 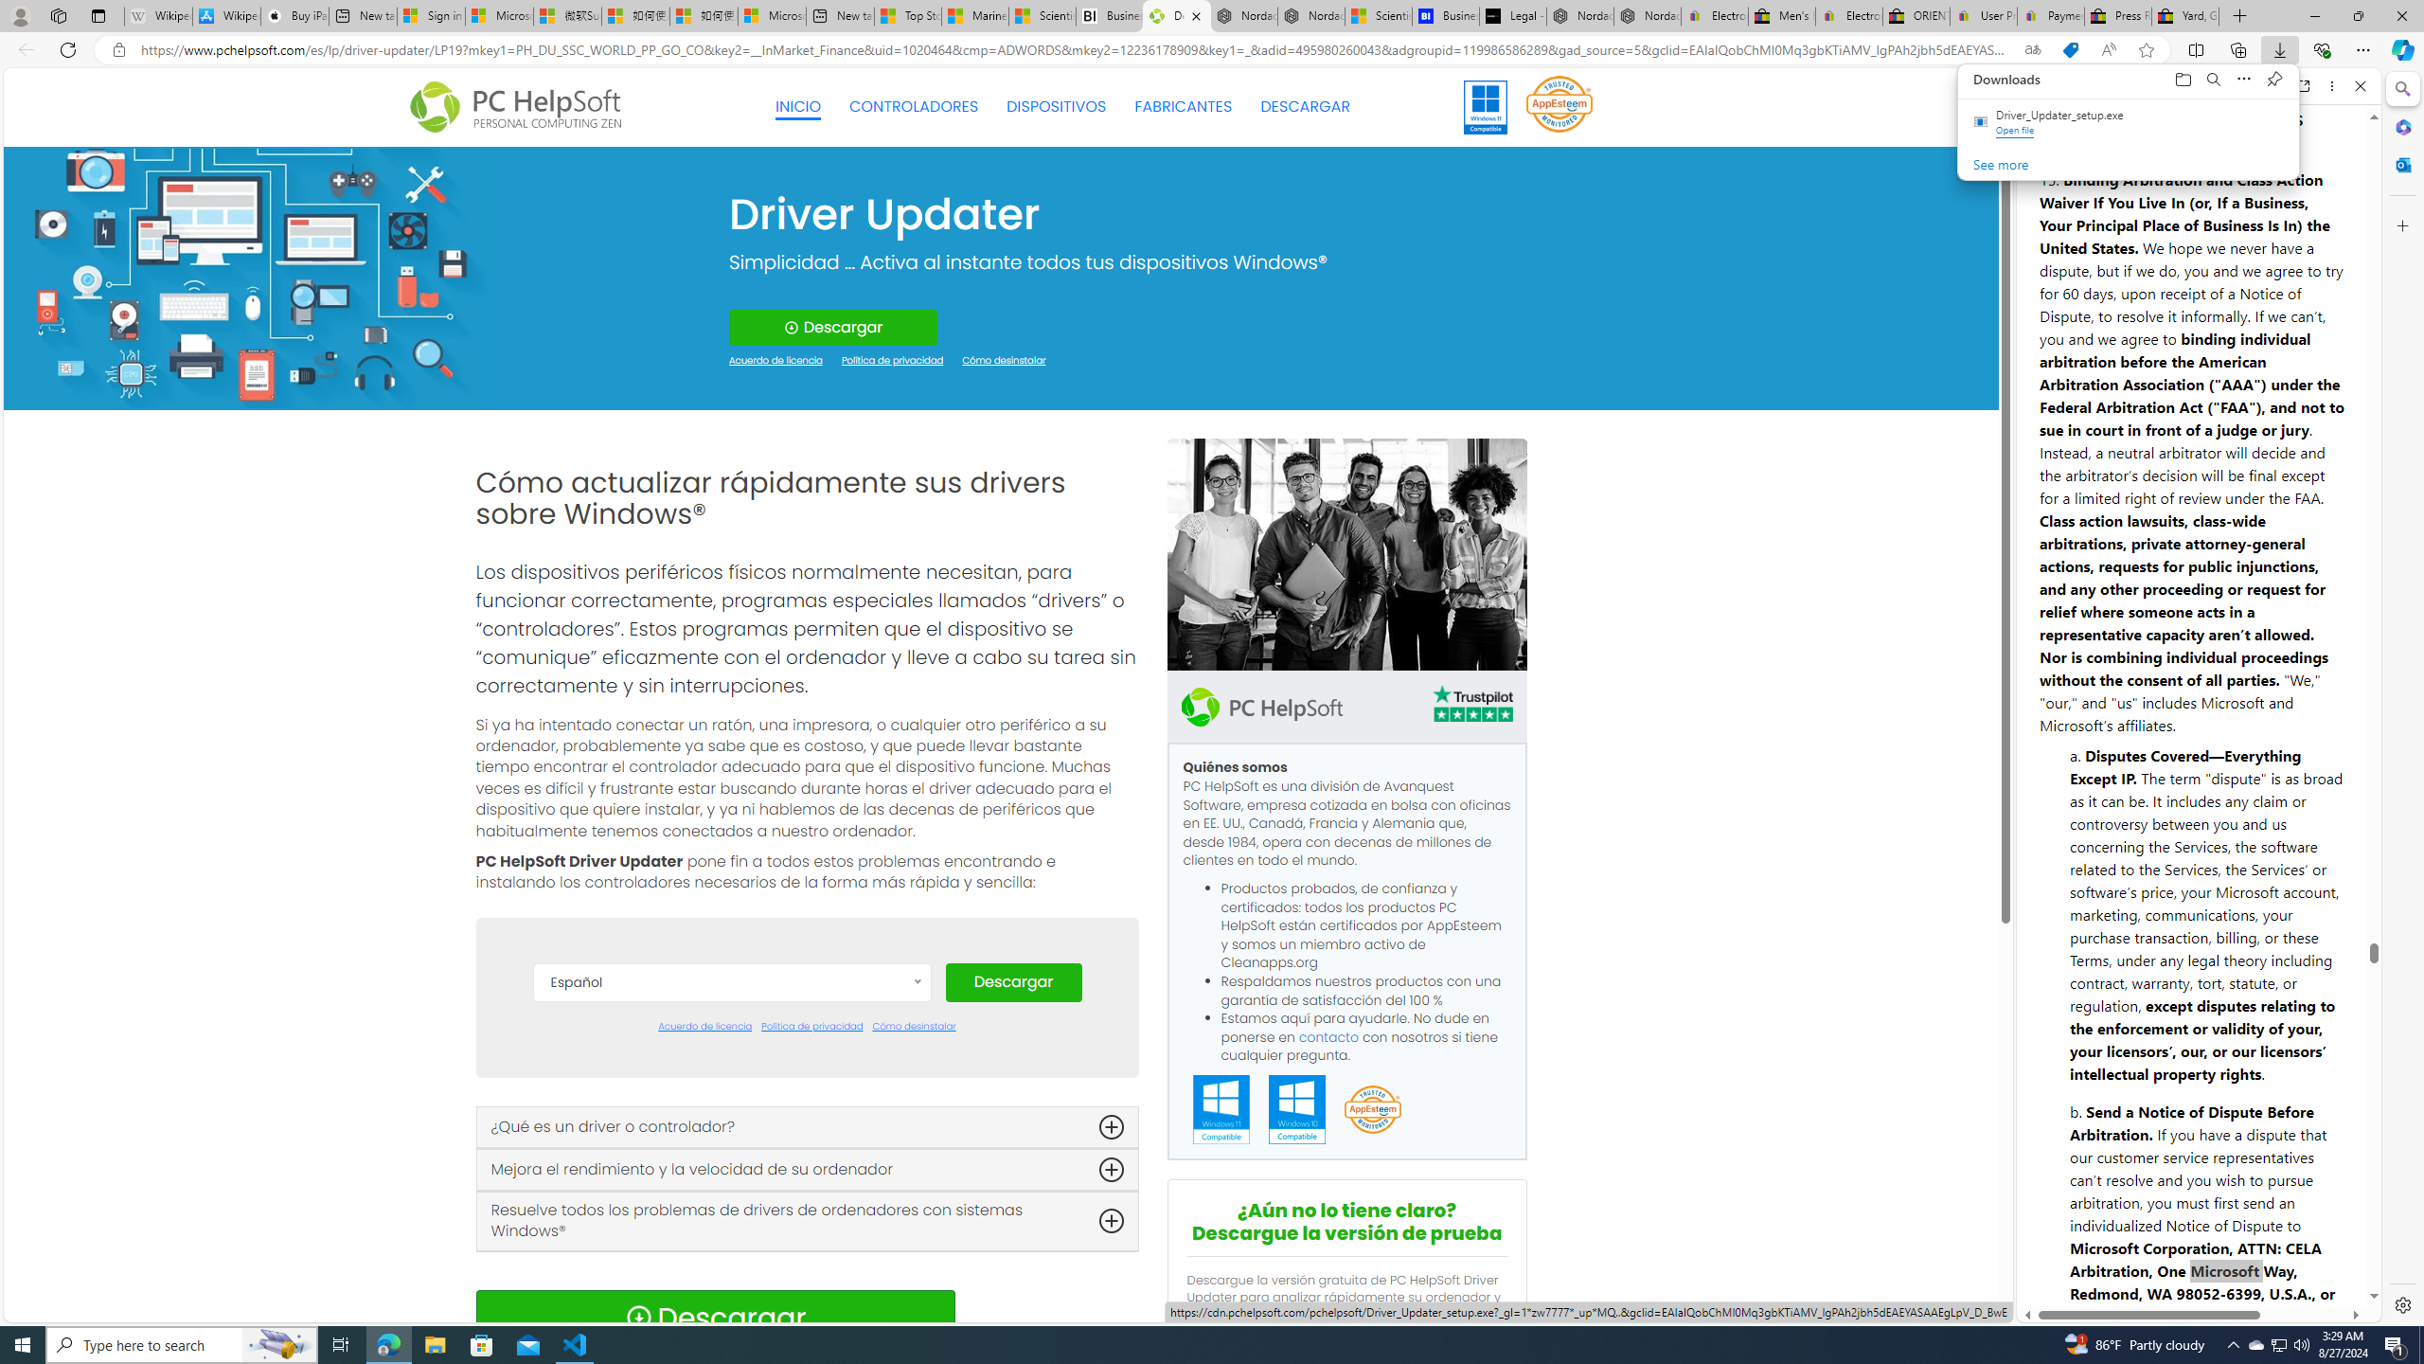 What do you see at coordinates (2400, 88) in the screenshot?
I see `'Minimize Search pane'` at bounding box center [2400, 88].